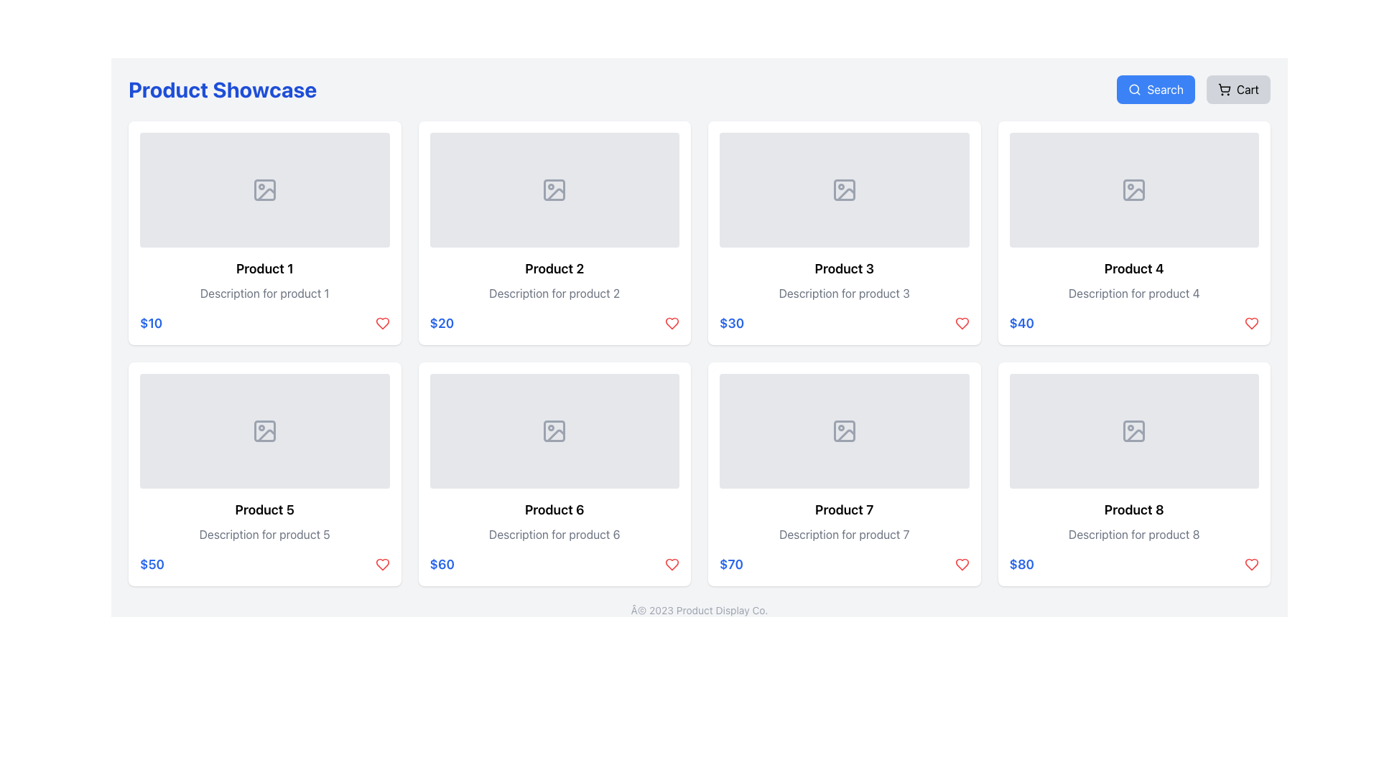 This screenshot has height=775, width=1379. I want to click on the small rectangular component with rounded corners that is part of the photo icon in the top-center region of the eighth product card within the image placeholder, so click(1133, 431).